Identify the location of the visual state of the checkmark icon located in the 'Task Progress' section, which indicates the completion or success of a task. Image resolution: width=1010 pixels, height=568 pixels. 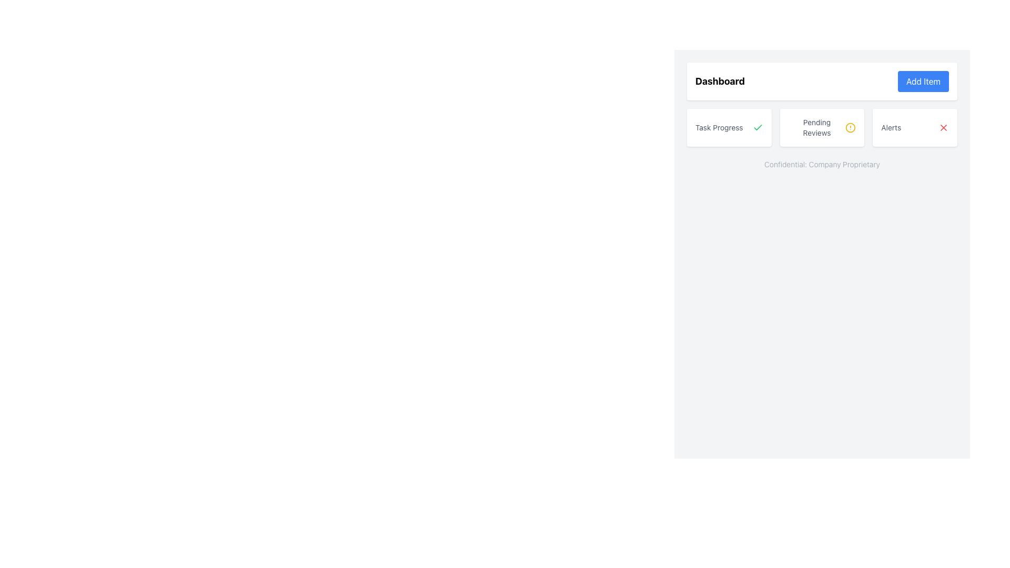
(757, 127).